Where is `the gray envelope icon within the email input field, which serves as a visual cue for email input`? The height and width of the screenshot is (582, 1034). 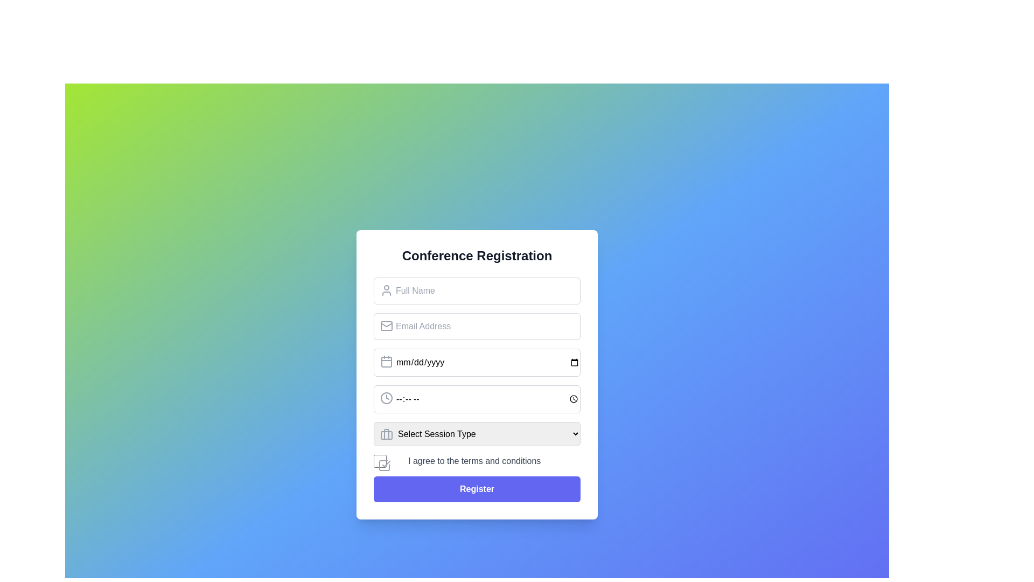
the gray envelope icon within the email input field, which serves as a visual cue for email input is located at coordinates (387, 325).